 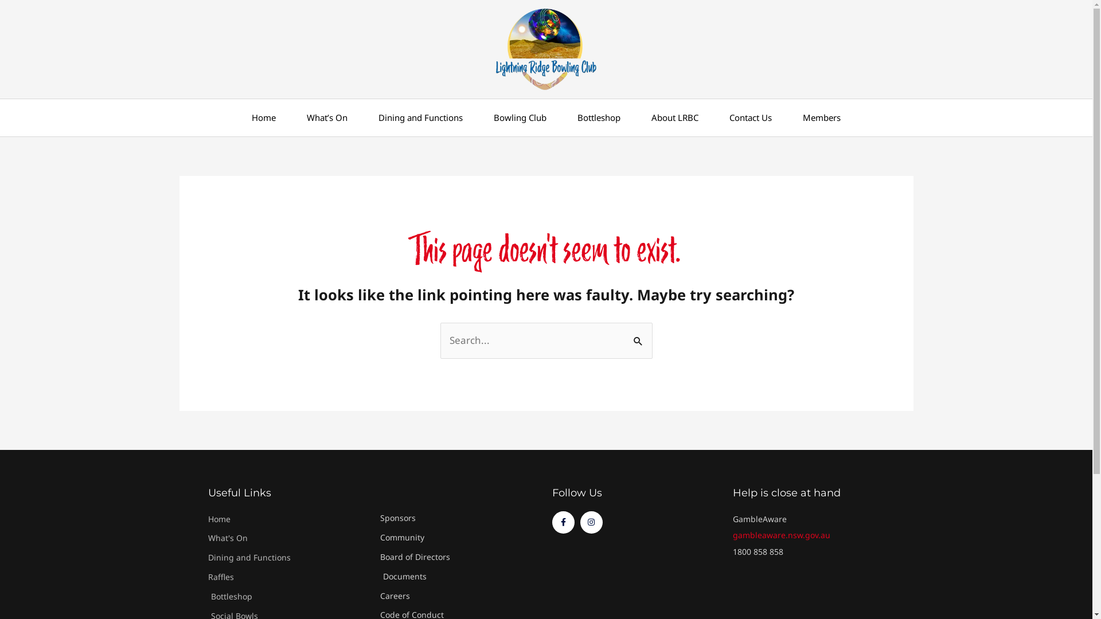 I want to click on 'Search', so click(x=638, y=334).